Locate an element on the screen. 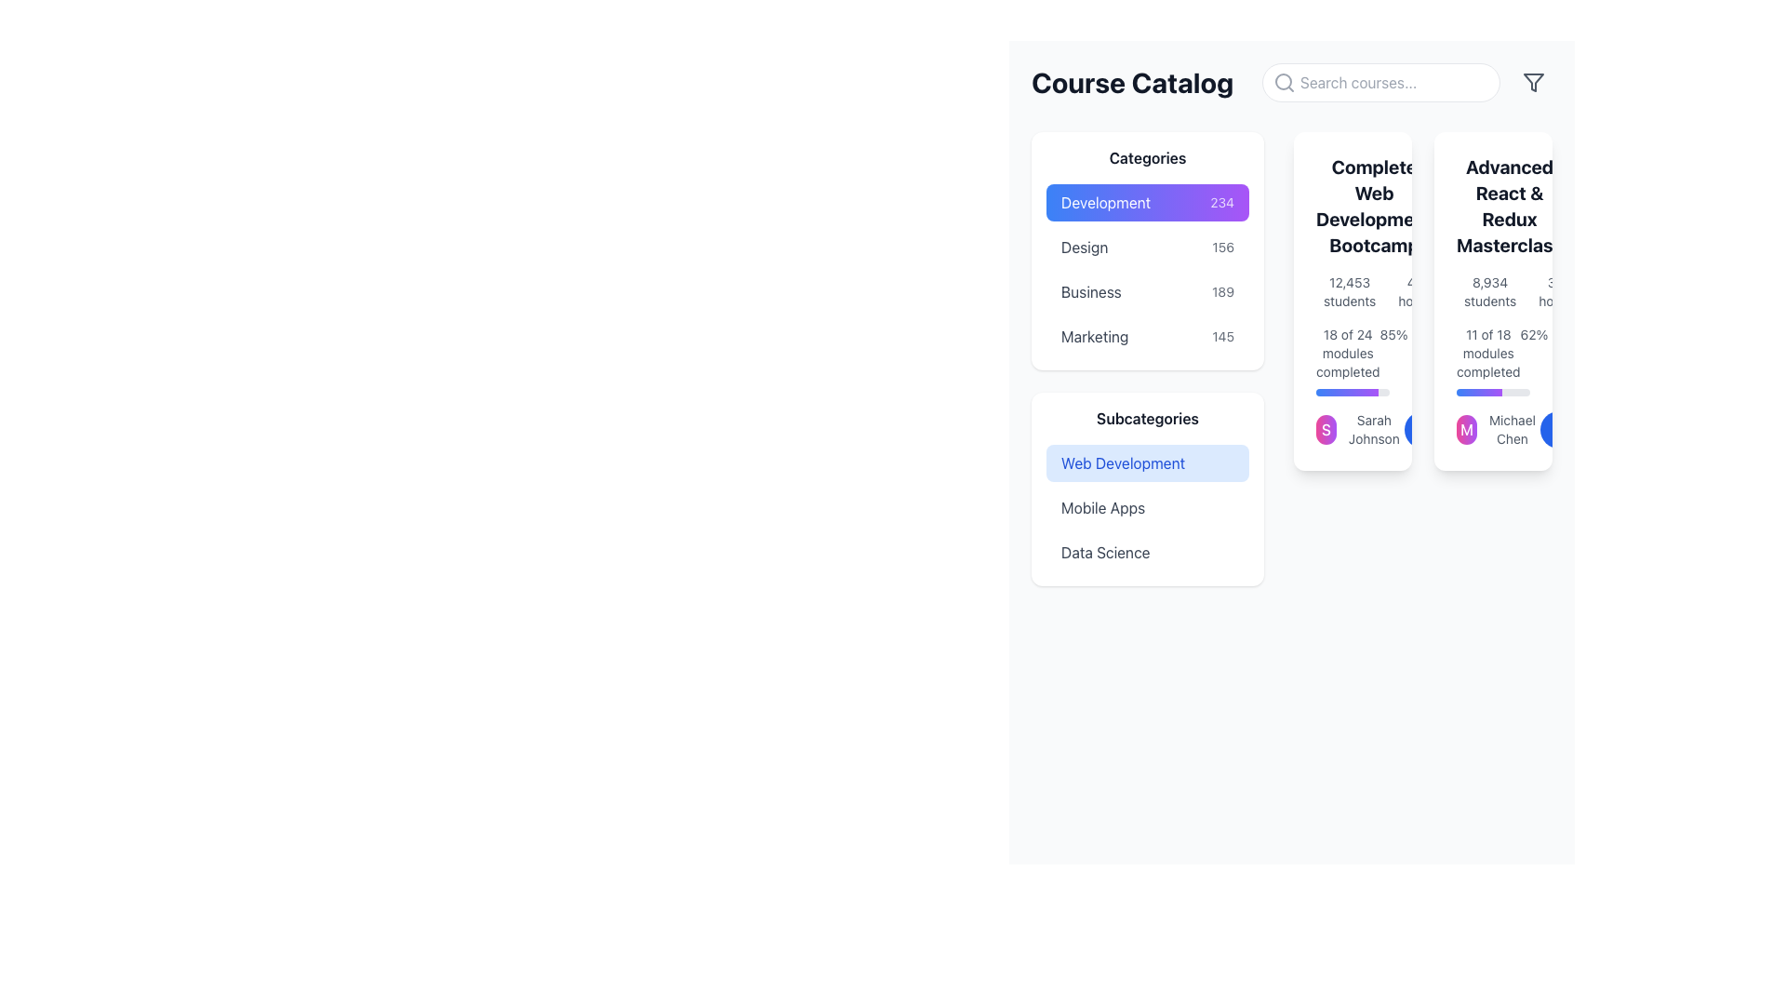 Image resolution: width=1786 pixels, height=1005 pixels. the Course information card located in the upper-right portion of the grid is located at coordinates (1493, 301).